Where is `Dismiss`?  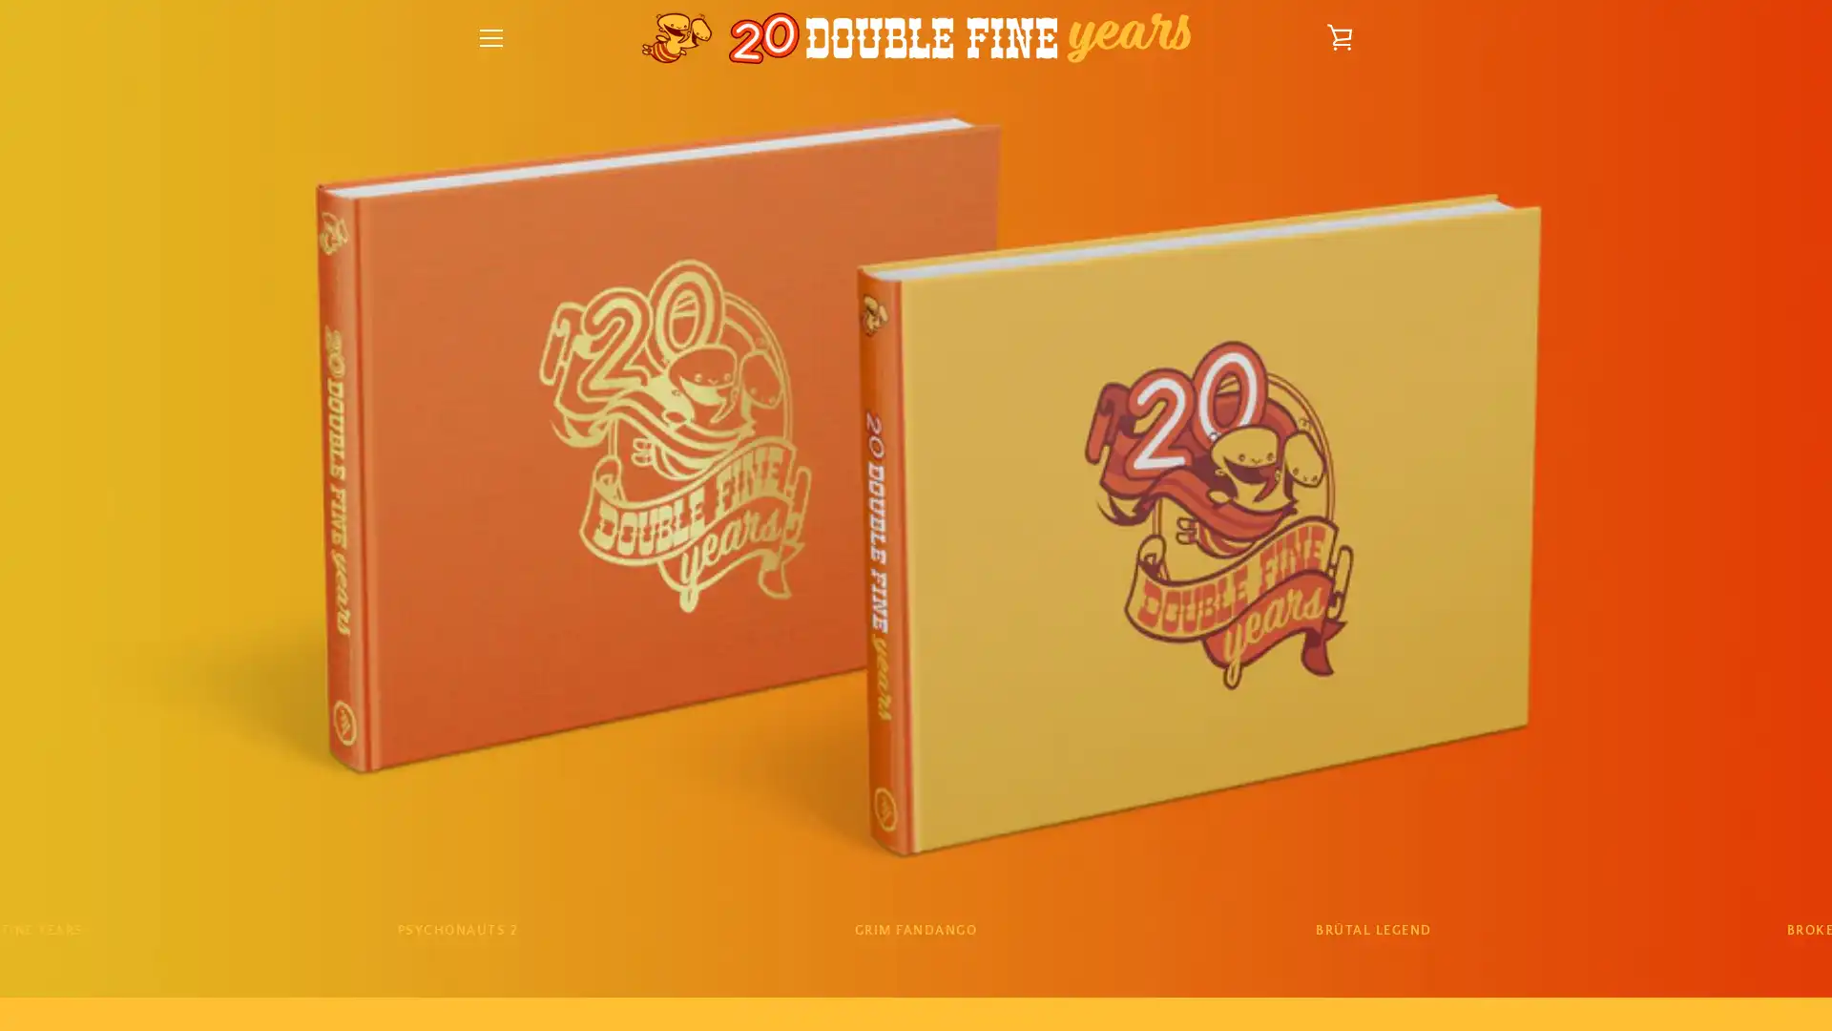 Dismiss is located at coordinates (1127, 346).